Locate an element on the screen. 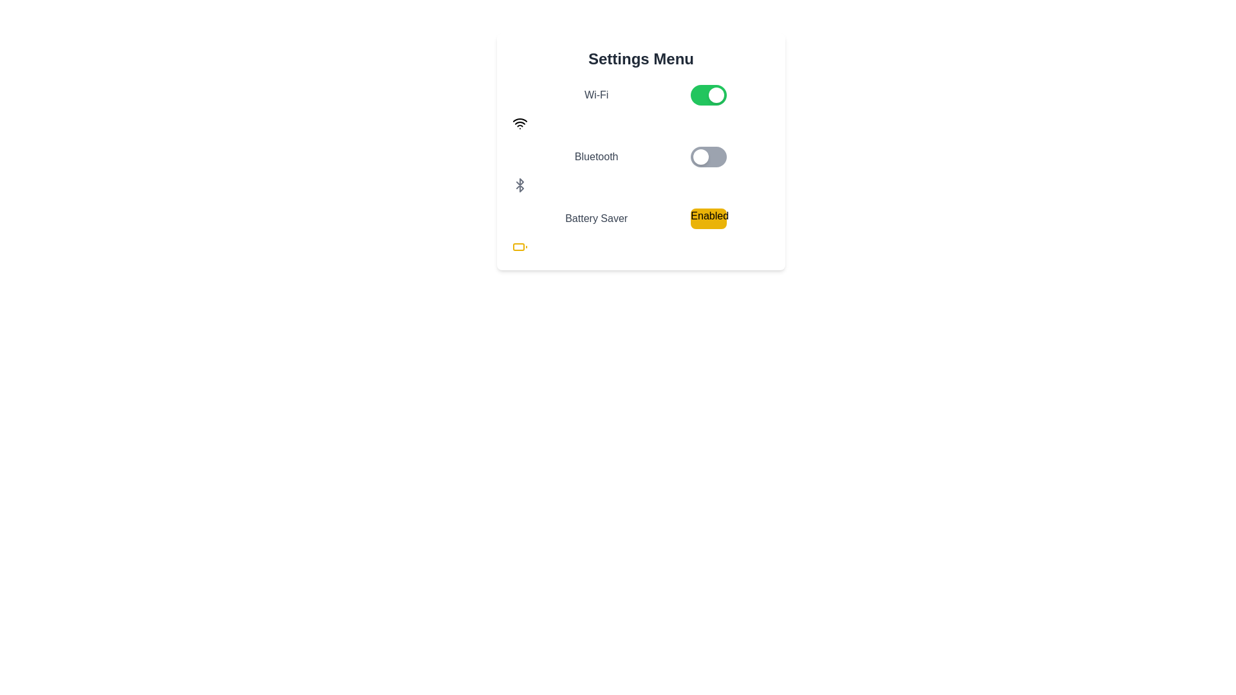  the Wi-Fi icon, which is the leftmost icon in a grid layout and aligns horizontally with the 'Wi-Fi' text and toggle switch is located at coordinates (520, 124).